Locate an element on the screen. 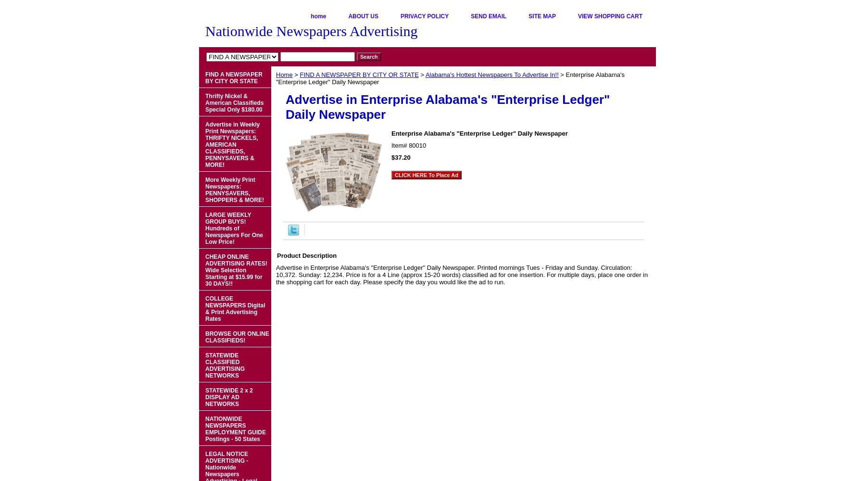 Image resolution: width=855 pixels, height=481 pixels. 'Advertise in Enterprise Alabama's 
 "Enterprise Ledger" 
Daily Newspaper' is located at coordinates (447, 106).